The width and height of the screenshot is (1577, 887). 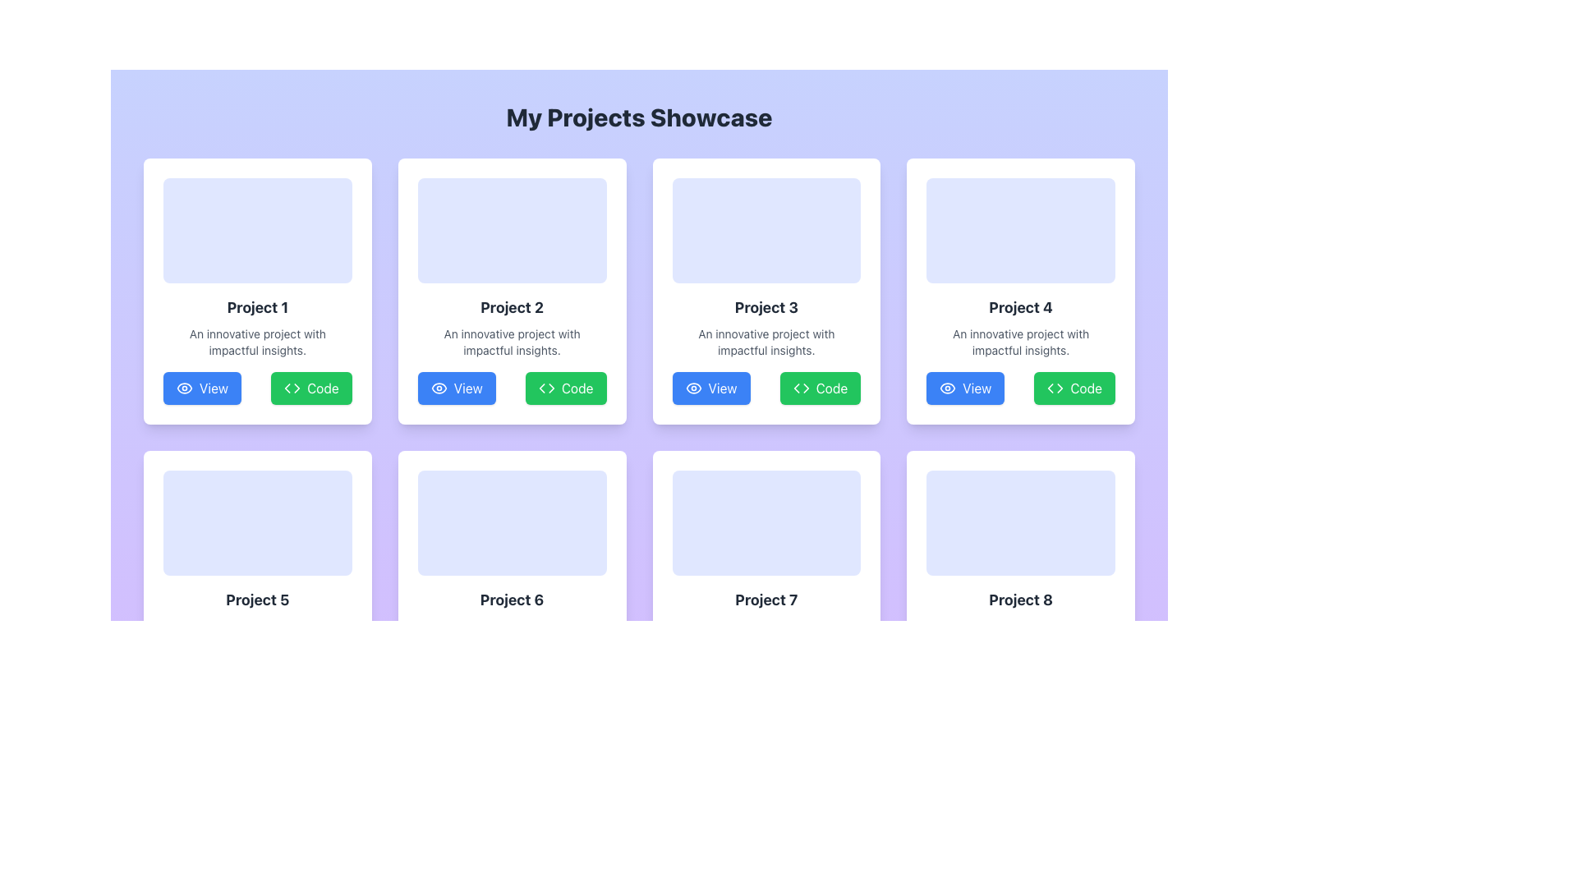 What do you see at coordinates (546, 388) in the screenshot?
I see `the coding icon located in the center of the green 'Code' button in the first row of project cards titled 'Project 2' to interact with it` at bounding box center [546, 388].